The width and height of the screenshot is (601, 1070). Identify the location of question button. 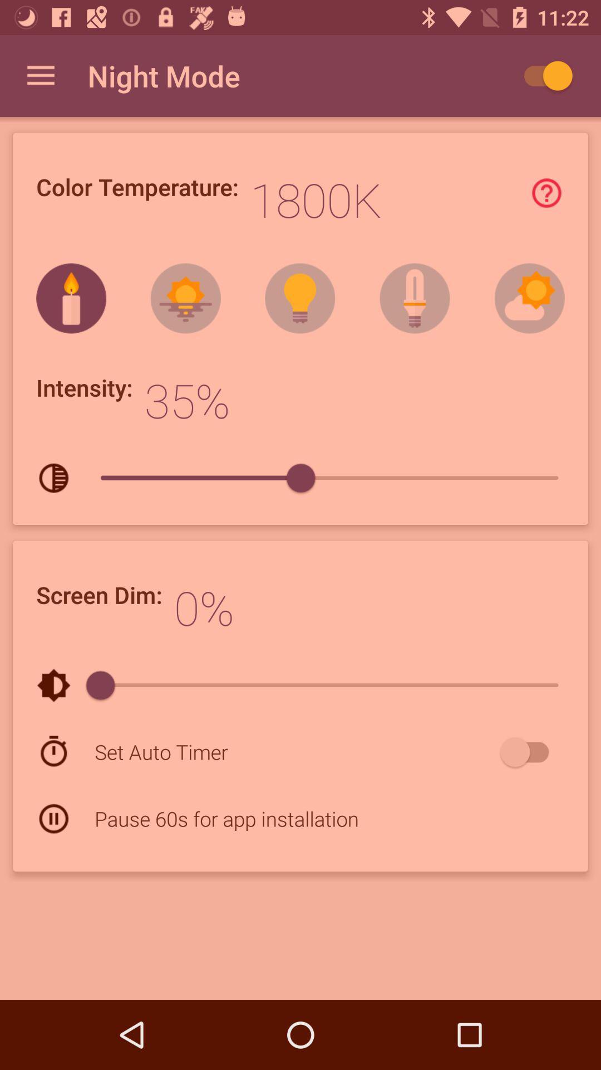
(546, 193).